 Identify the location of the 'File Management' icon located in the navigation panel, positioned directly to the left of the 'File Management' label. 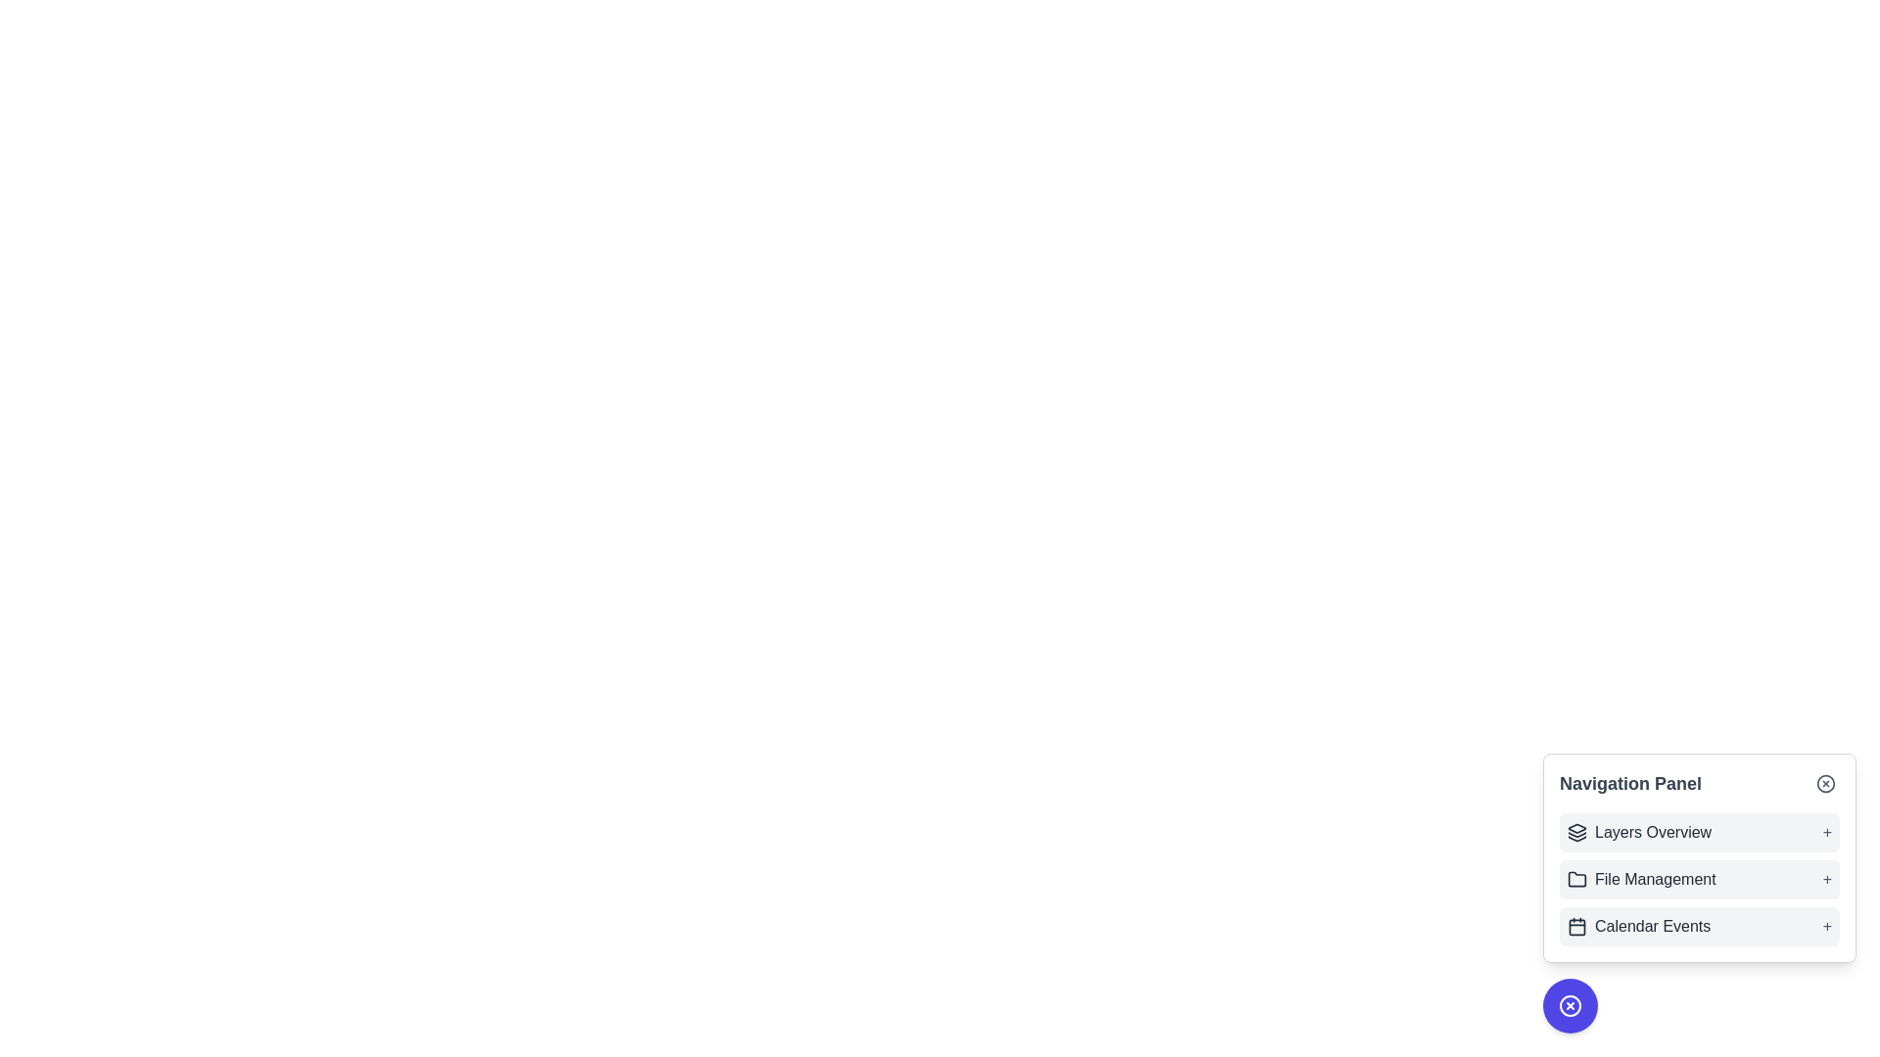
(1577, 878).